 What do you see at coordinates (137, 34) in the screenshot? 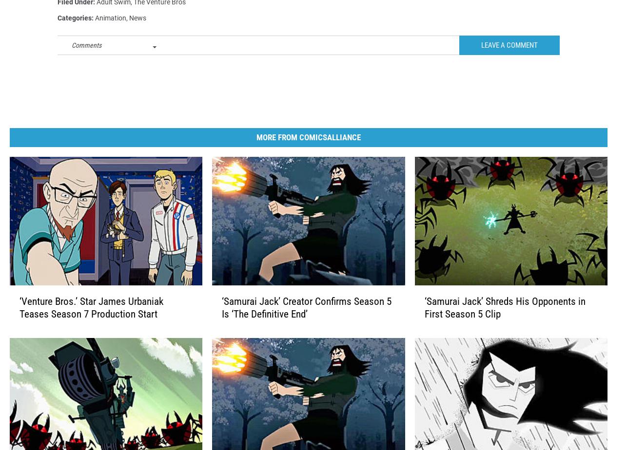
I see `'News'` at bounding box center [137, 34].